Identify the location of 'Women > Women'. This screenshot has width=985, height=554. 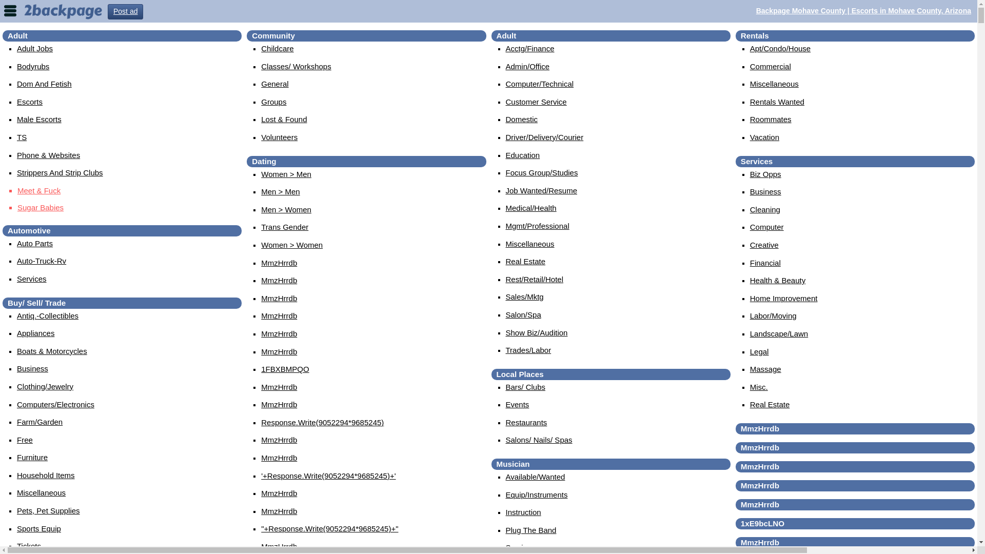
(261, 245).